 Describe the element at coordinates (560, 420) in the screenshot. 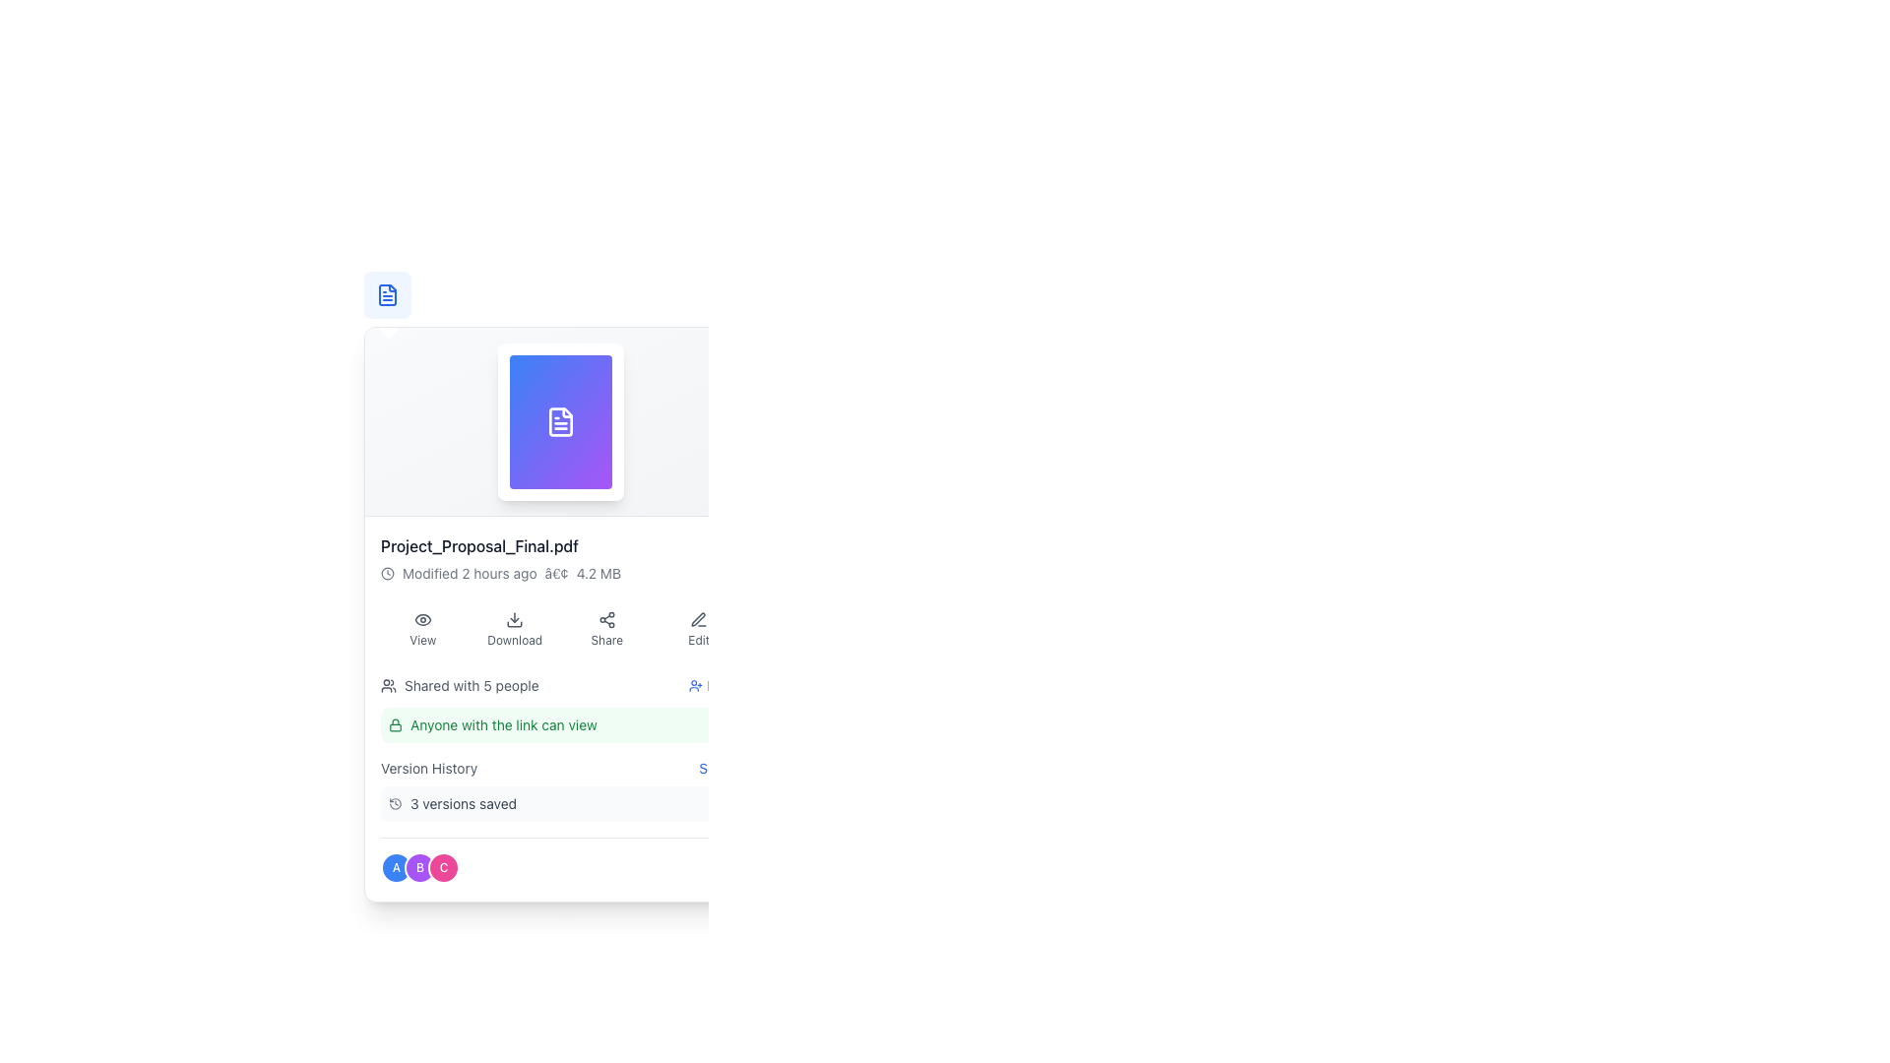

I see `the file icon, which has a document-like outline and text-like lines inside, styled in white against a purple and blue gradient background` at that location.